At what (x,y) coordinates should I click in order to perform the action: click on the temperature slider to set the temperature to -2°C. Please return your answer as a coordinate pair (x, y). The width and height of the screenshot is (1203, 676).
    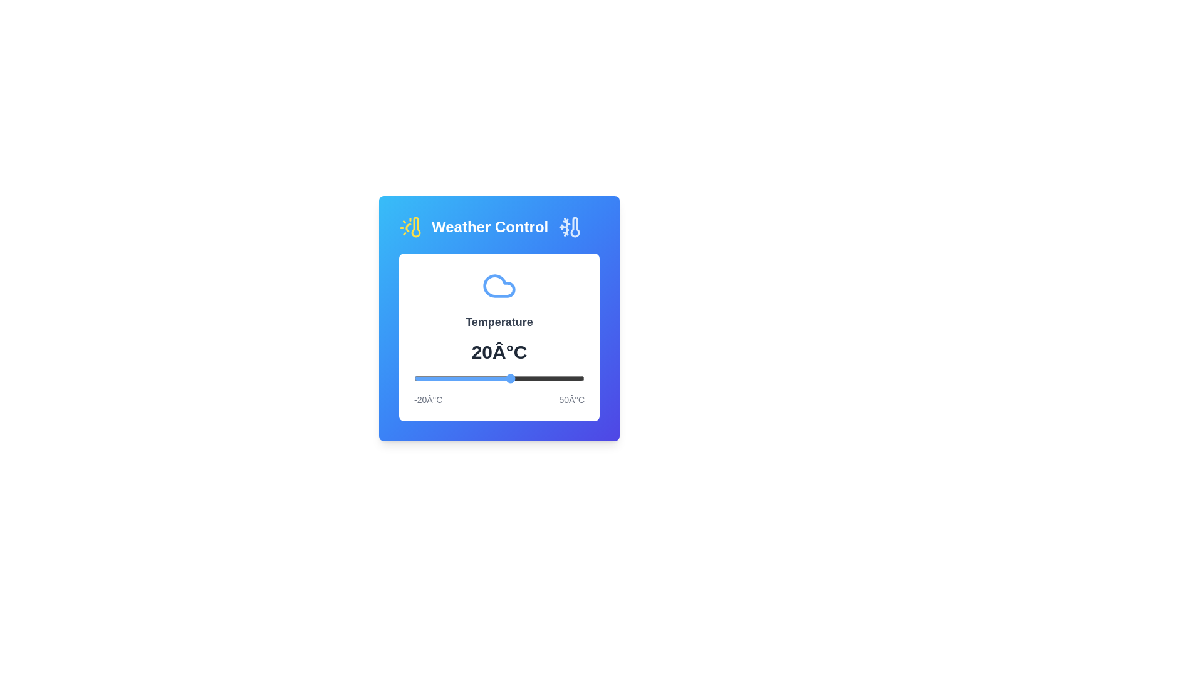
    Looking at the image, I should click on (457, 378).